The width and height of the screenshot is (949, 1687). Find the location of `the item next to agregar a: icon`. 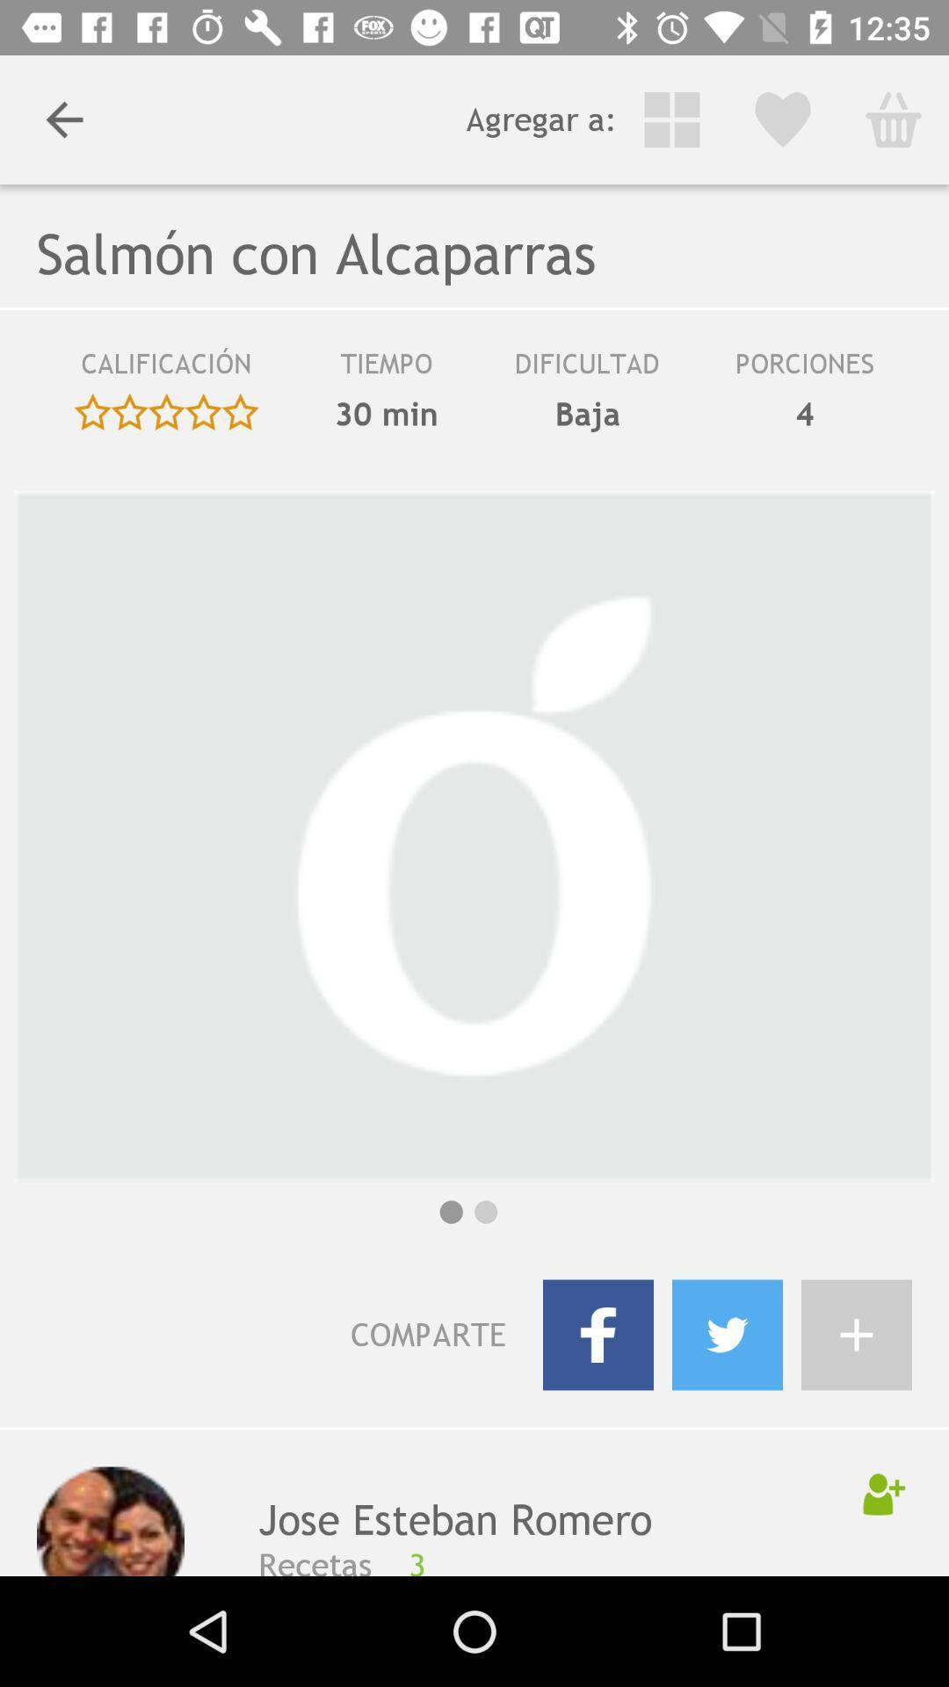

the item next to agregar a: icon is located at coordinates (63, 119).